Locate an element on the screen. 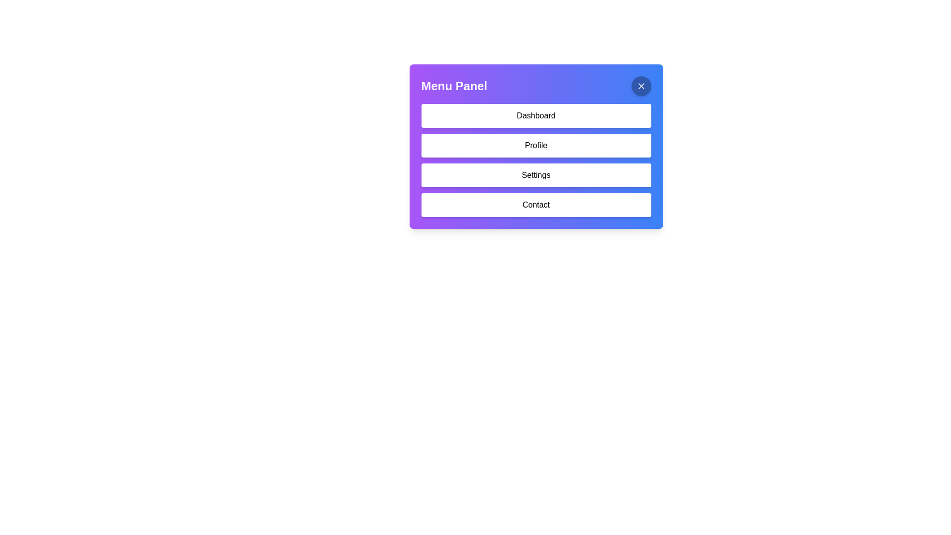 The image size is (951, 535). the close button icon located at the top-right corner of the blue-gradient menu panel to trigger the tooltip or highlight effect is located at coordinates (641, 85).